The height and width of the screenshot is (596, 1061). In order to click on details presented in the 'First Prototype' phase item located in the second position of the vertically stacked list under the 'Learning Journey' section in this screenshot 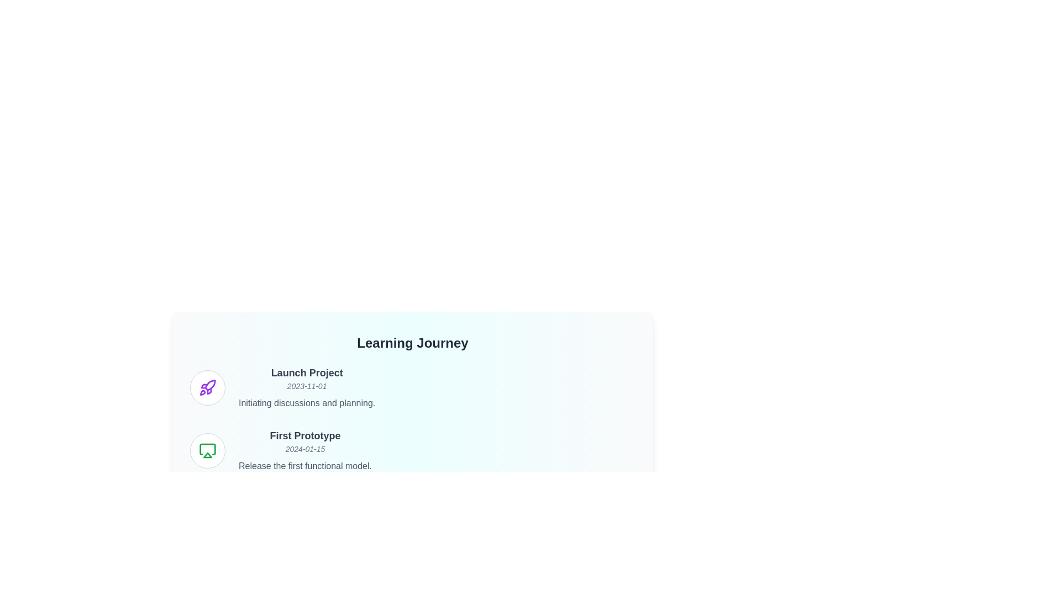, I will do `click(412, 451)`.